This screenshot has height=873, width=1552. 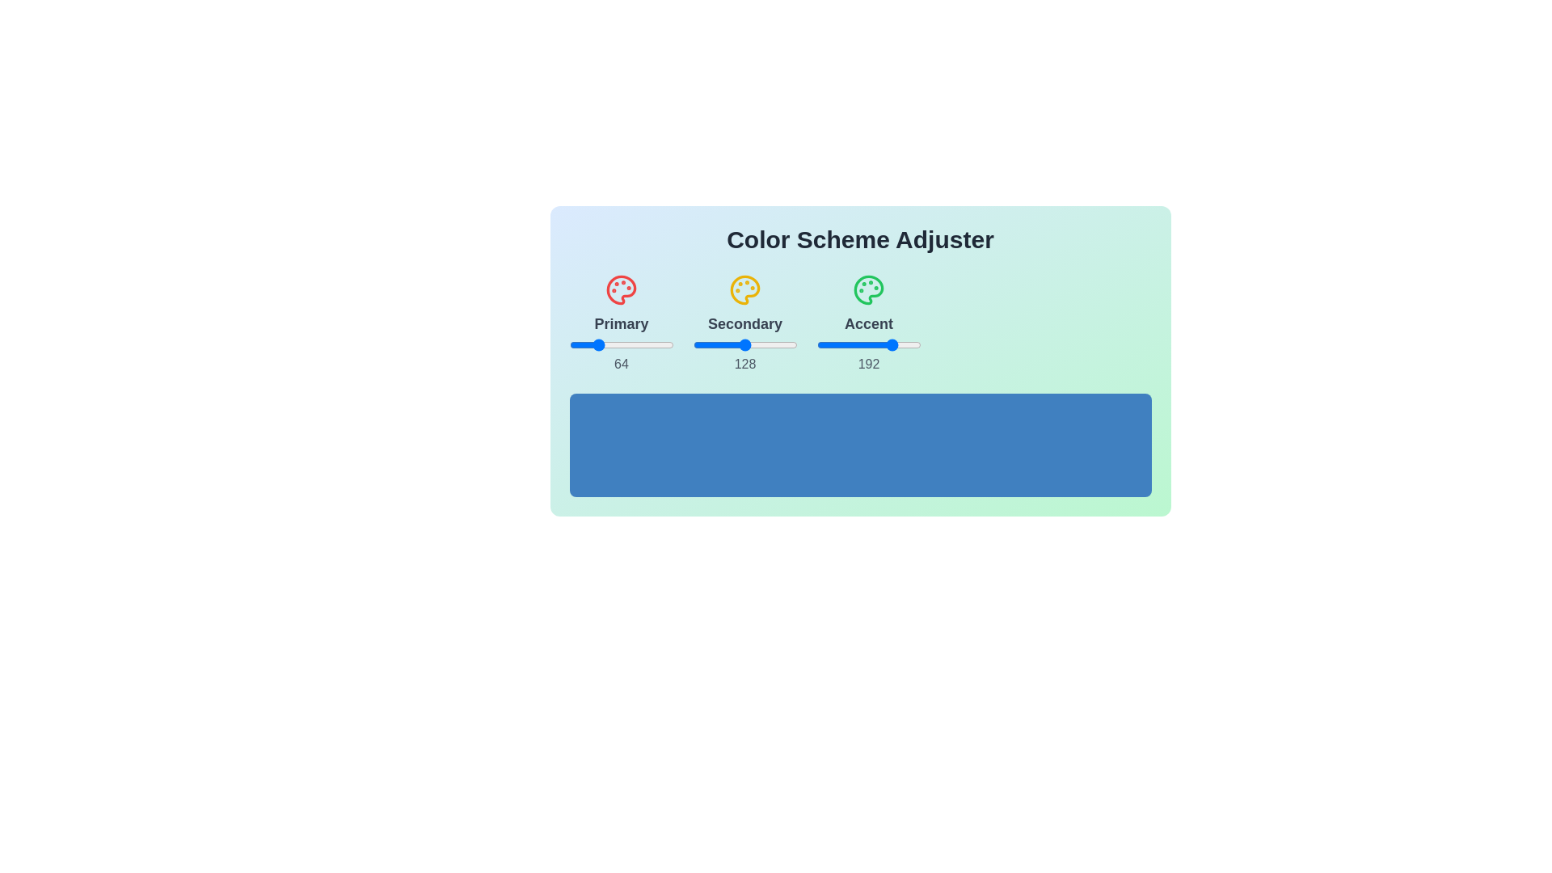 What do you see at coordinates (833, 344) in the screenshot?
I see `the Accent slider to 42 within its range` at bounding box center [833, 344].